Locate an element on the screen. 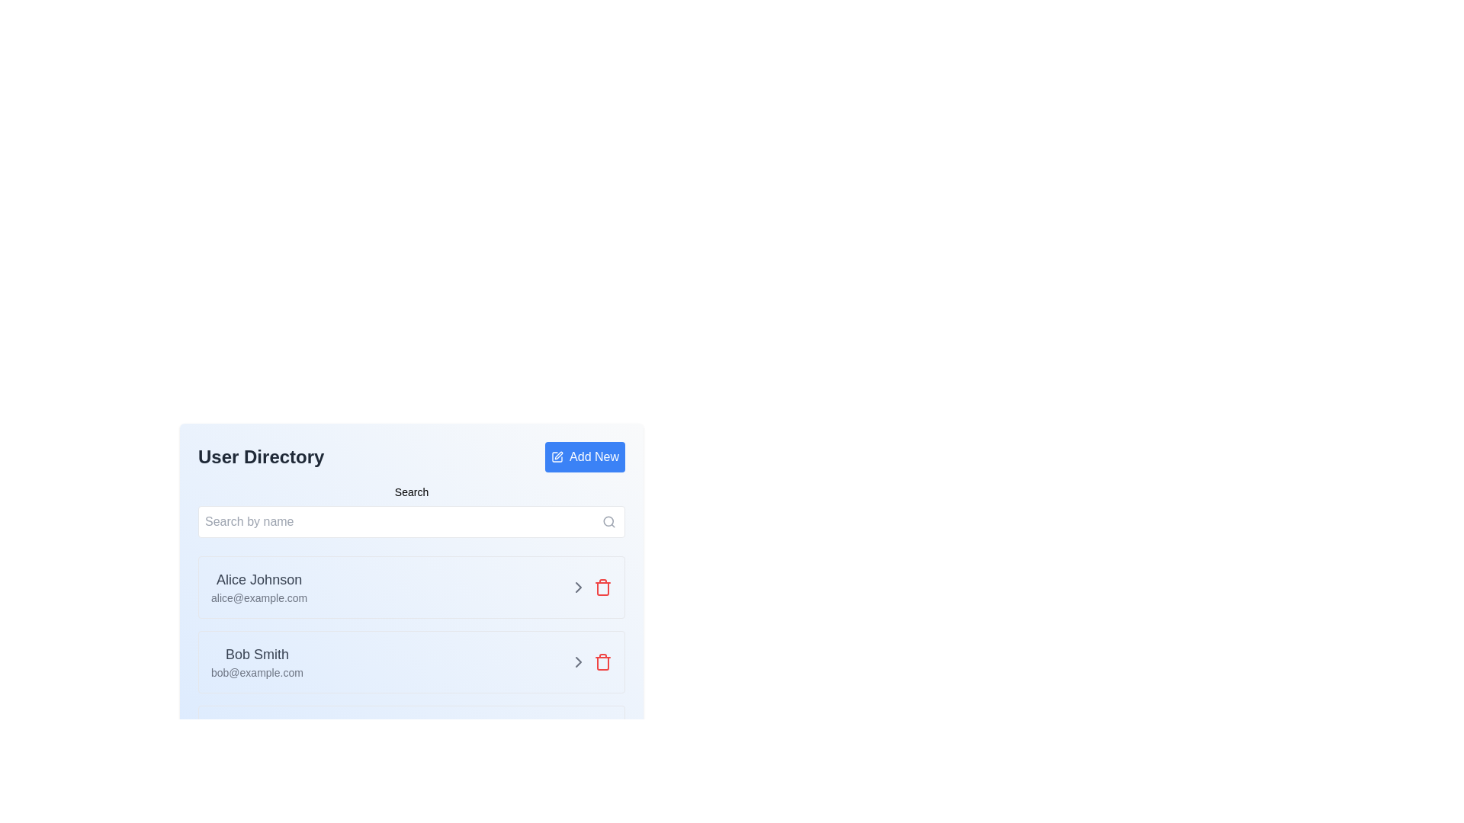 This screenshot has height=823, width=1464. email address 'bob@example.com' displayed in a small-sized, gray-colored font below the name 'Bob Smith' is located at coordinates (257, 672).